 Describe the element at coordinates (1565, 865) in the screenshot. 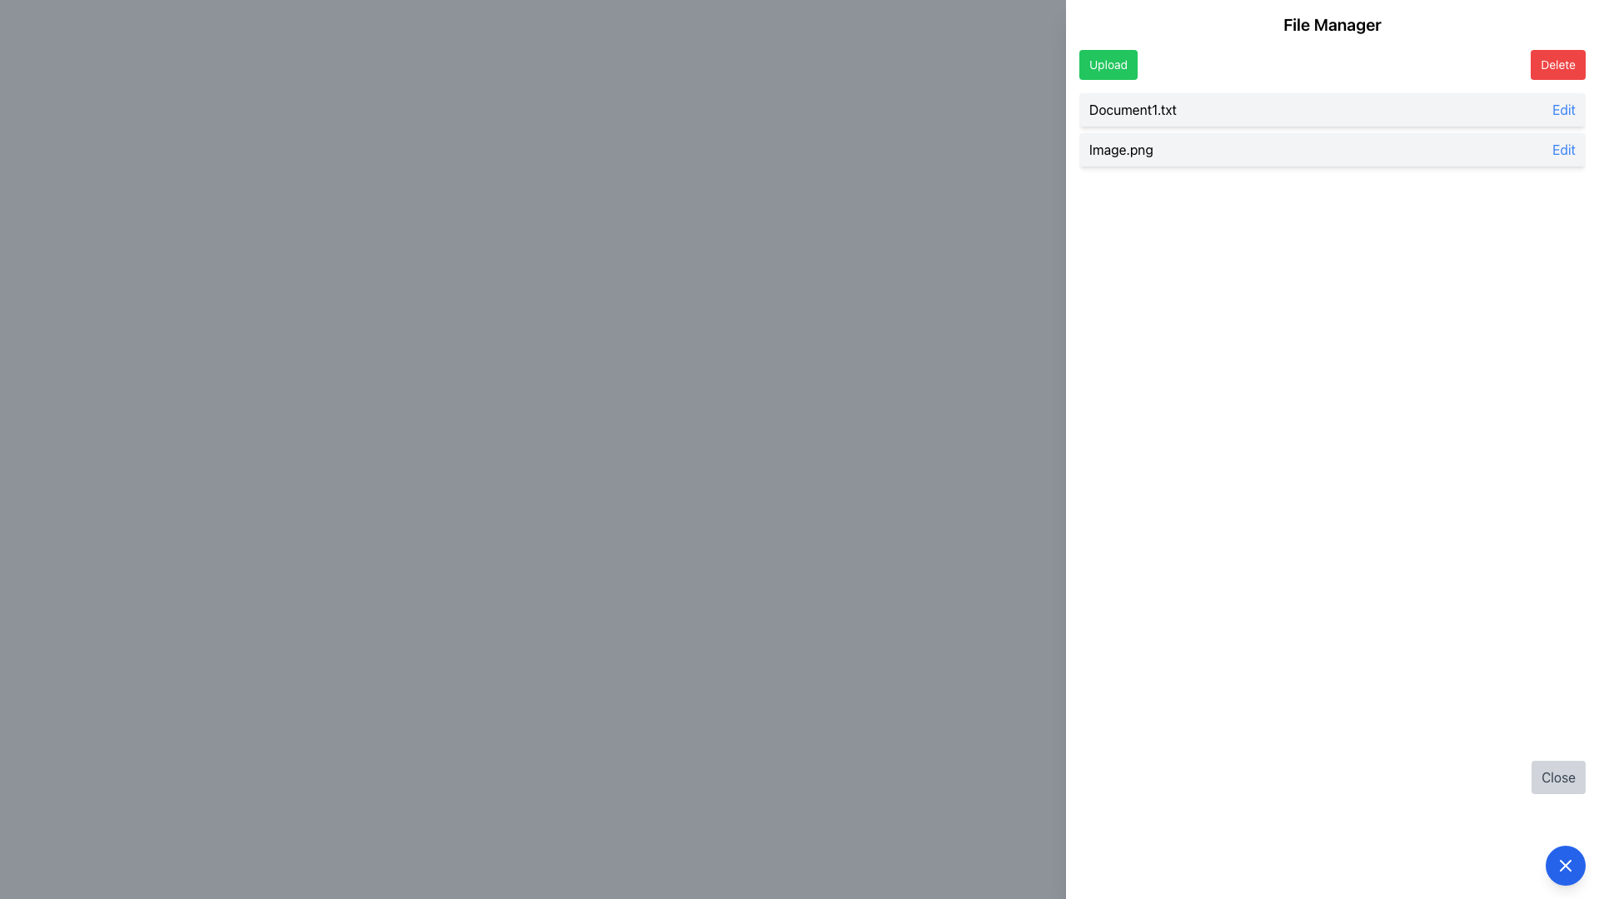

I see `the circular blue button with a white 'X' icon located at the bottom-right corner of the interface to trigger a tooltip or visual feedback` at that location.